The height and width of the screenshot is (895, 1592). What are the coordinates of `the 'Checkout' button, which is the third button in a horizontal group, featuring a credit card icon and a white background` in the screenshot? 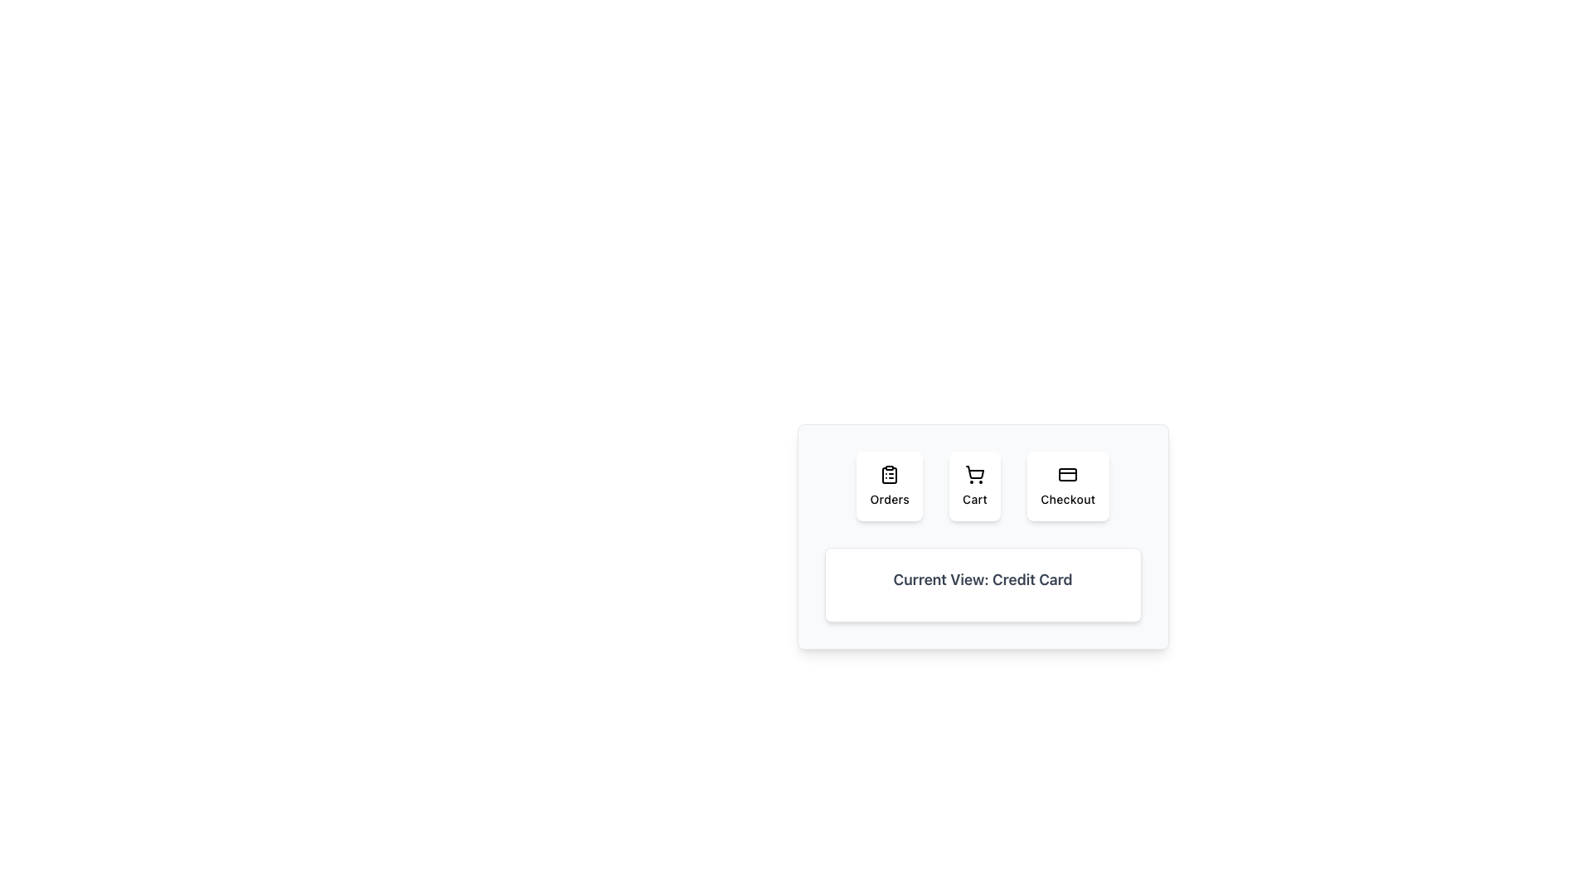 It's located at (1068, 485).